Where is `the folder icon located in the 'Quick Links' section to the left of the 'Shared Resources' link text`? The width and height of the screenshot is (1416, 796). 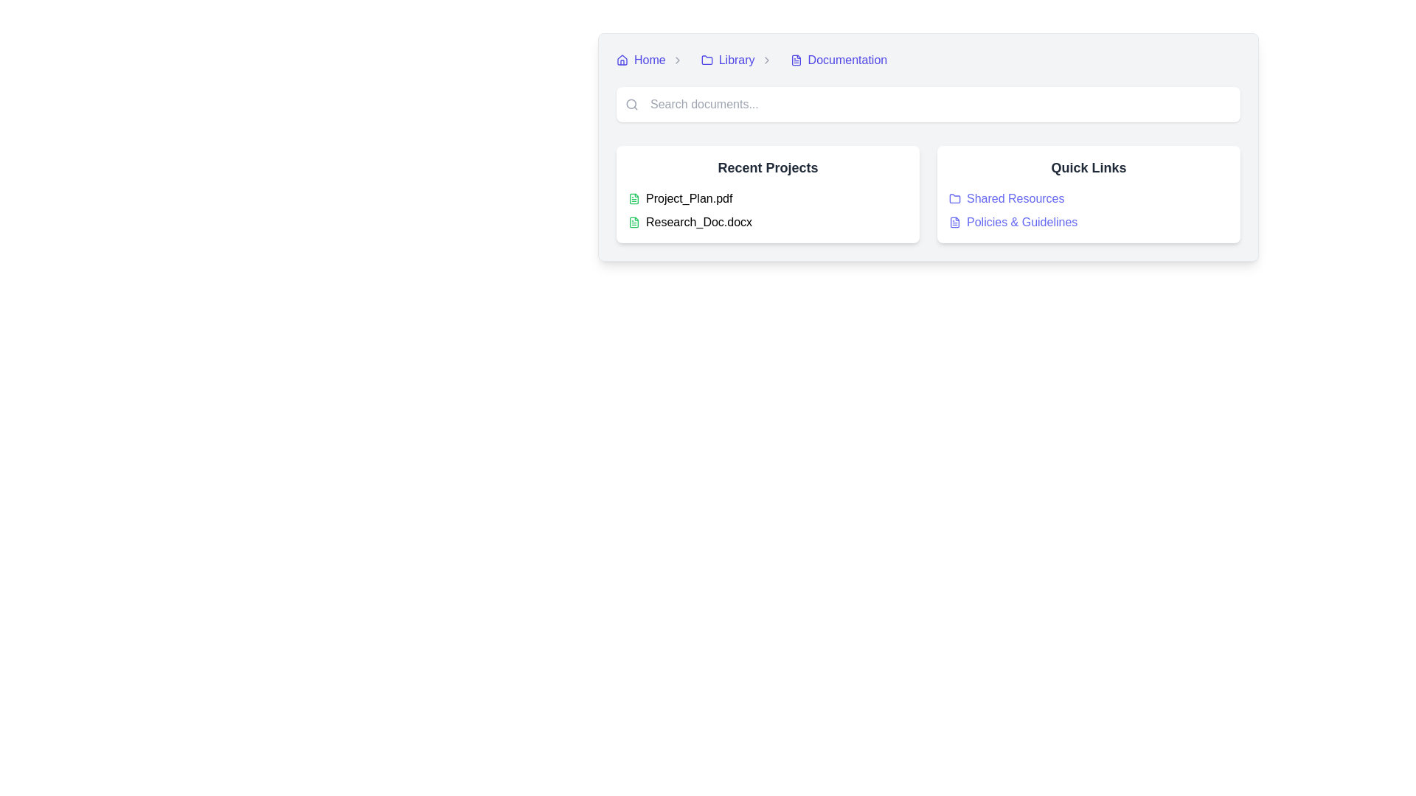 the folder icon located in the 'Quick Links' section to the left of the 'Shared Resources' link text is located at coordinates (955, 198).